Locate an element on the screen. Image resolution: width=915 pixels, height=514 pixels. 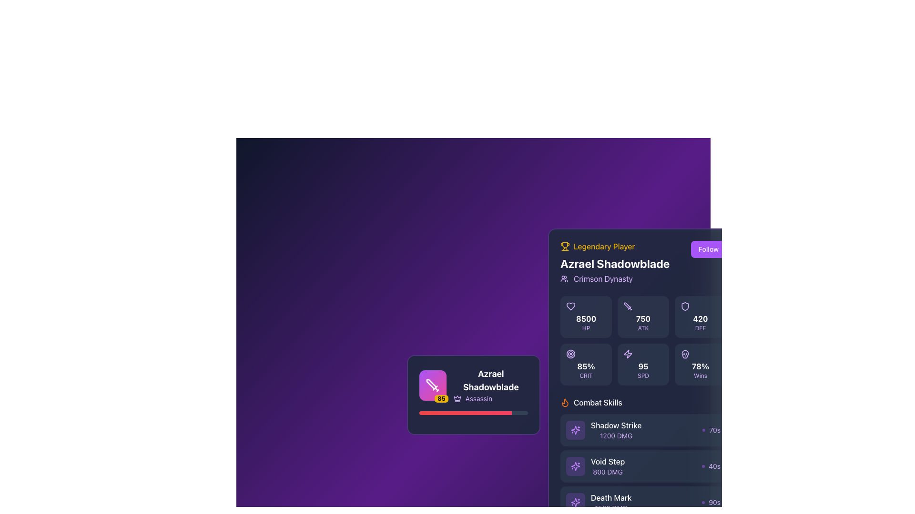
the text label indicating the class or role associated with 'Azrael Shadowblade', which is located beneath the title text within the profile card is located at coordinates (490, 398).